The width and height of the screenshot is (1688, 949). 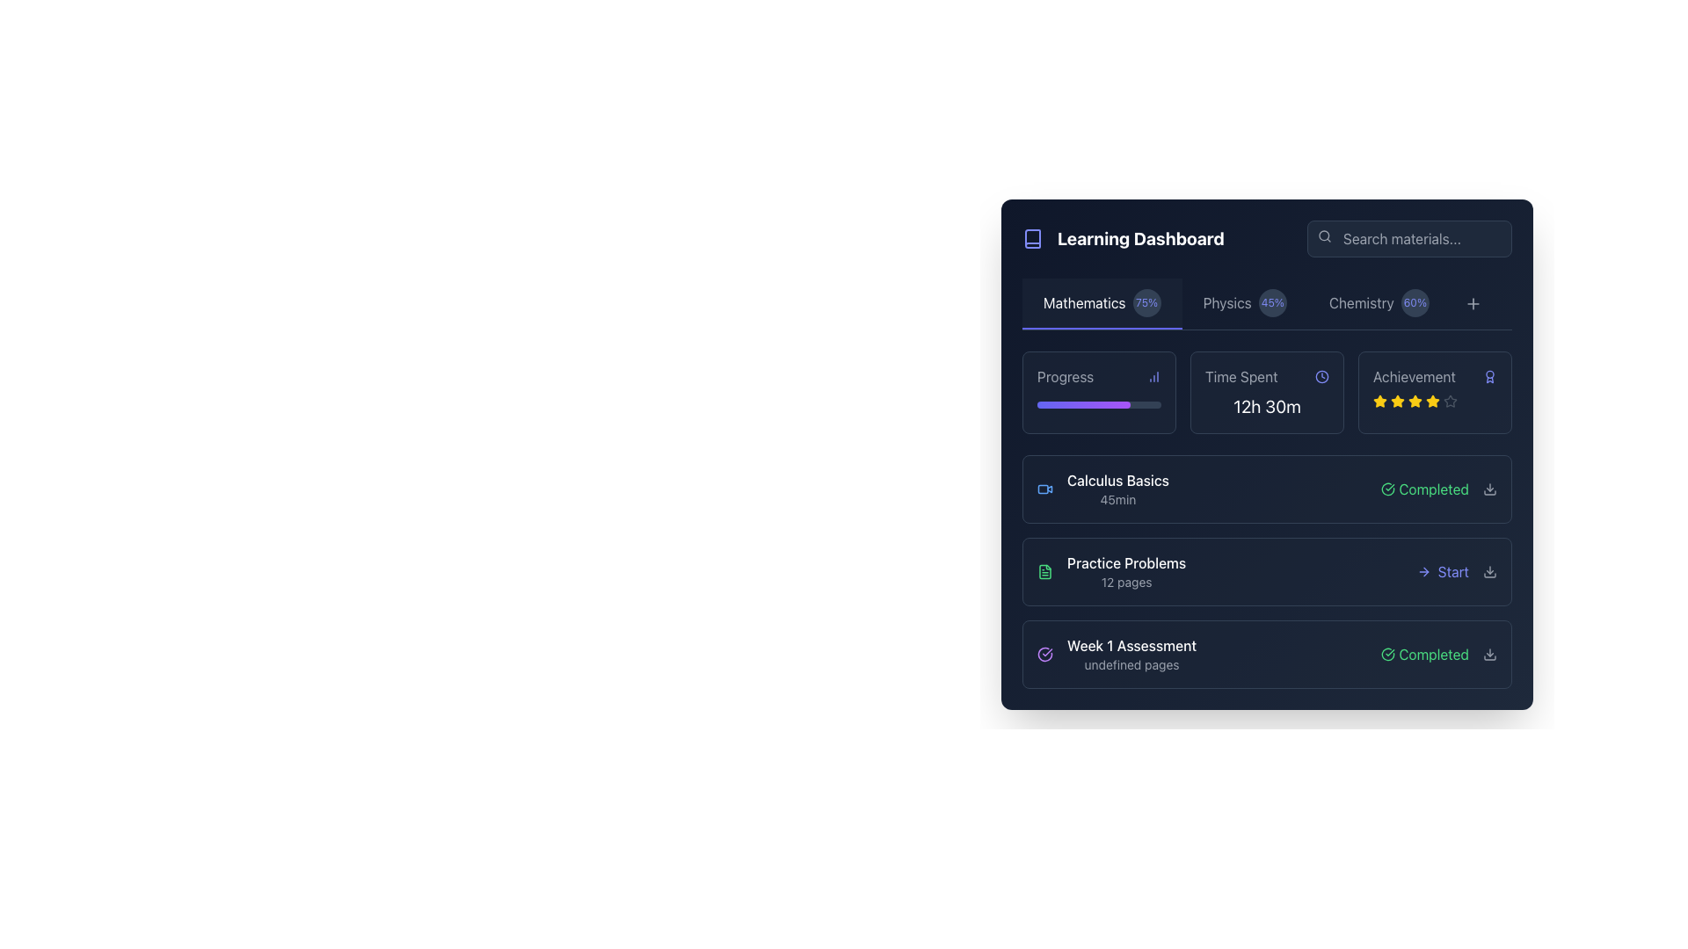 What do you see at coordinates (1267, 392) in the screenshot?
I see `the 'Time Spent' information card` at bounding box center [1267, 392].